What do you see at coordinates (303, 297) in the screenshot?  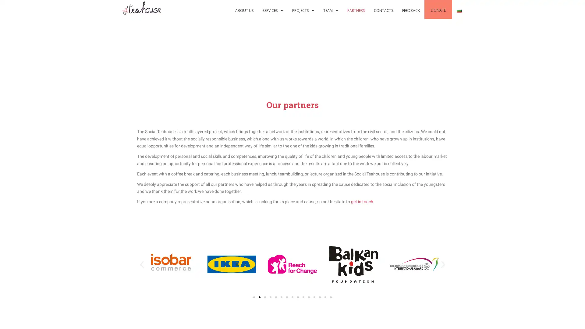 I see `Go to slide 10` at bounding box center [303, 297].